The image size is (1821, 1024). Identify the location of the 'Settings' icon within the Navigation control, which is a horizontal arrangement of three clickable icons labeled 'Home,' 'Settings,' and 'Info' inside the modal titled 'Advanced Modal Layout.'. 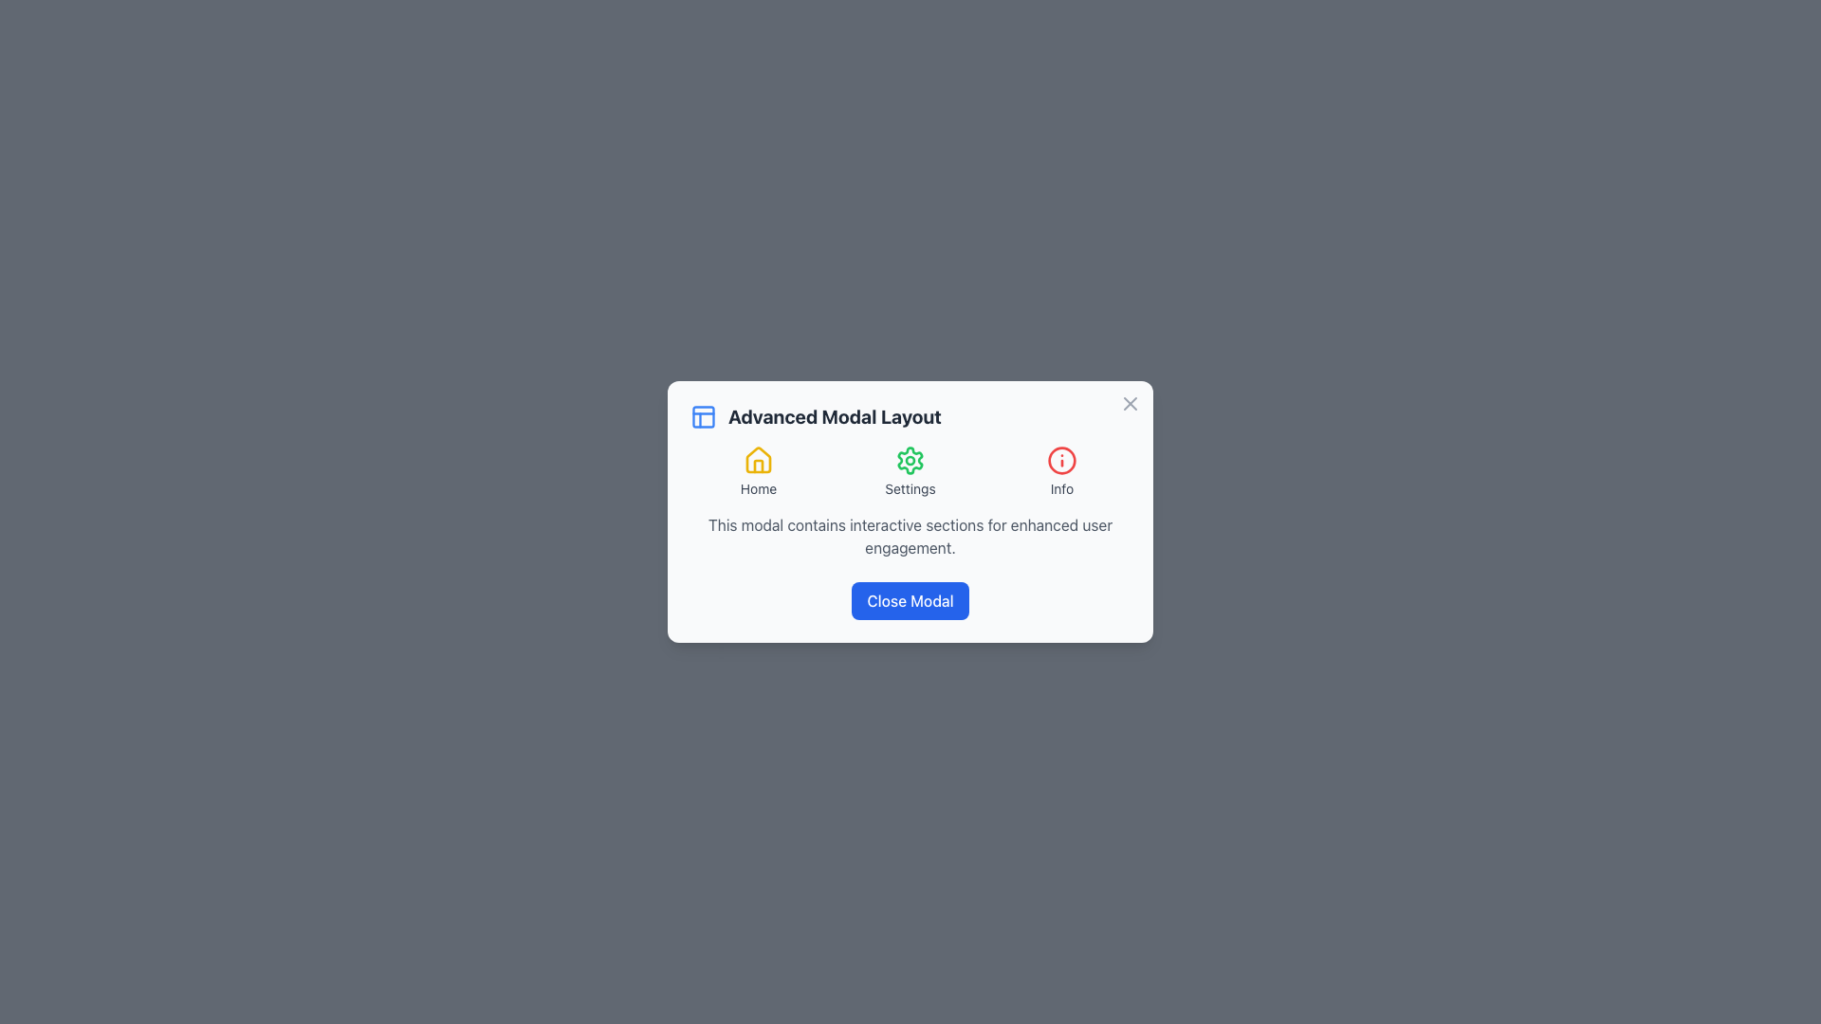
(910, 470).